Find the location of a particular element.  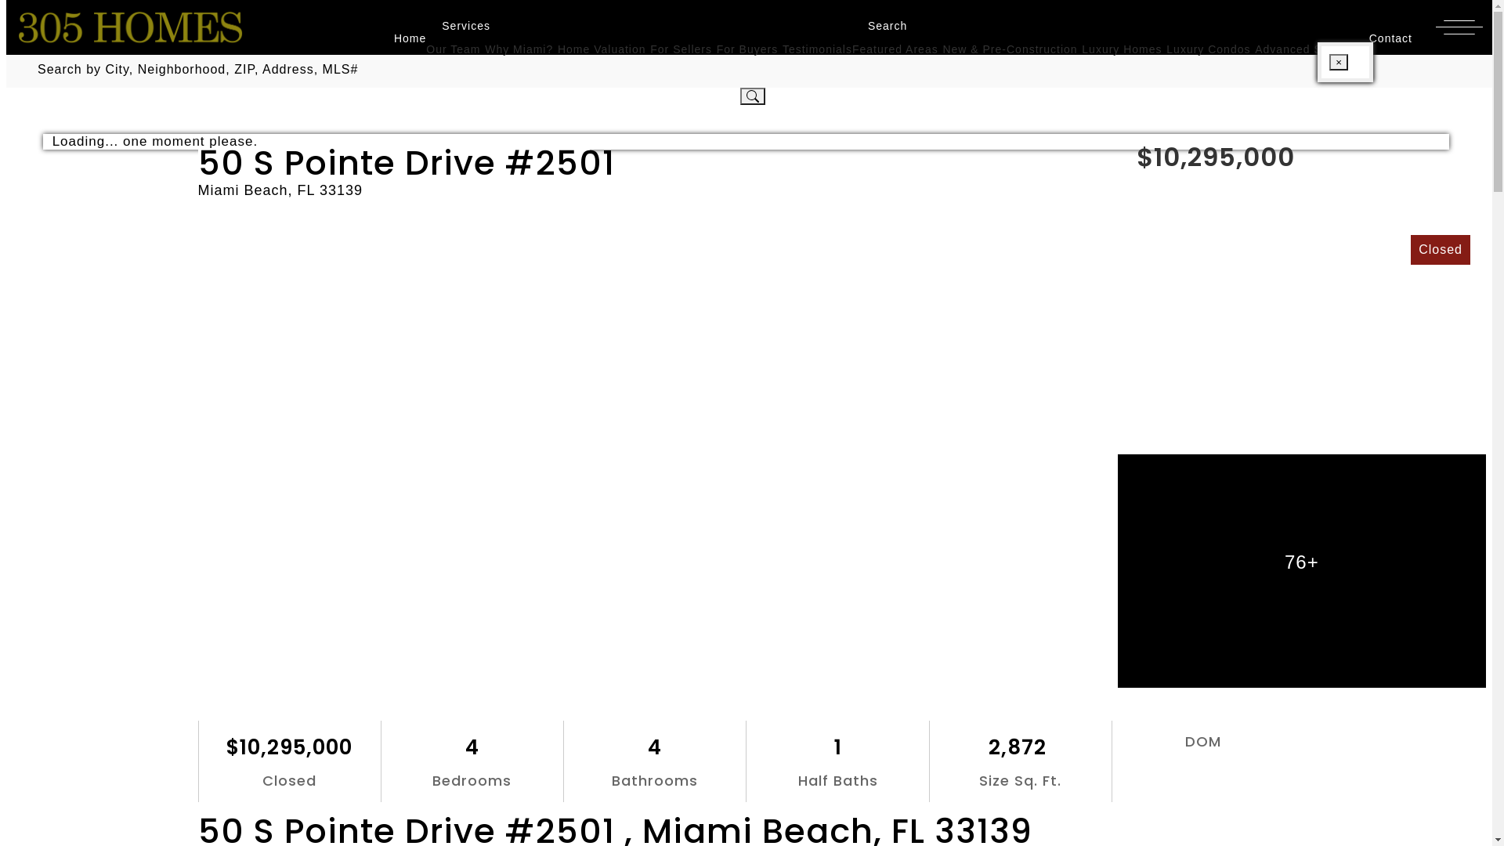

'Contact' is located at coordinates (1383, 38).